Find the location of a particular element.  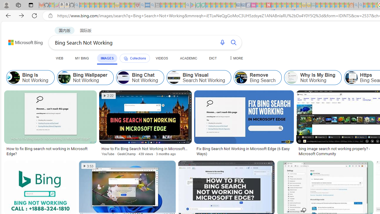

'MORE' is located at coordinates (235, 58).